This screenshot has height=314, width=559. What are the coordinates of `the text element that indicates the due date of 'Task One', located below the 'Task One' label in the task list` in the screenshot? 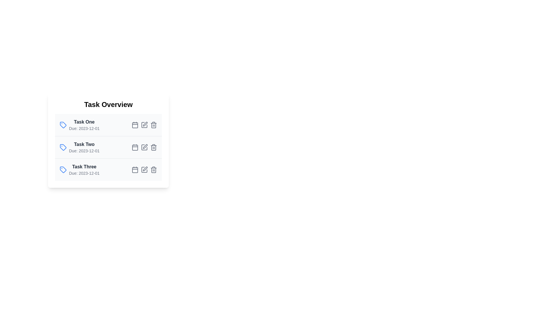 It's located at (84, 128).